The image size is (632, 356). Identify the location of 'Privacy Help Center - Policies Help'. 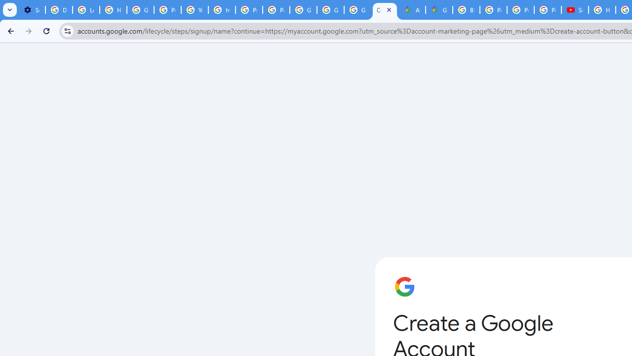
(493, 10).